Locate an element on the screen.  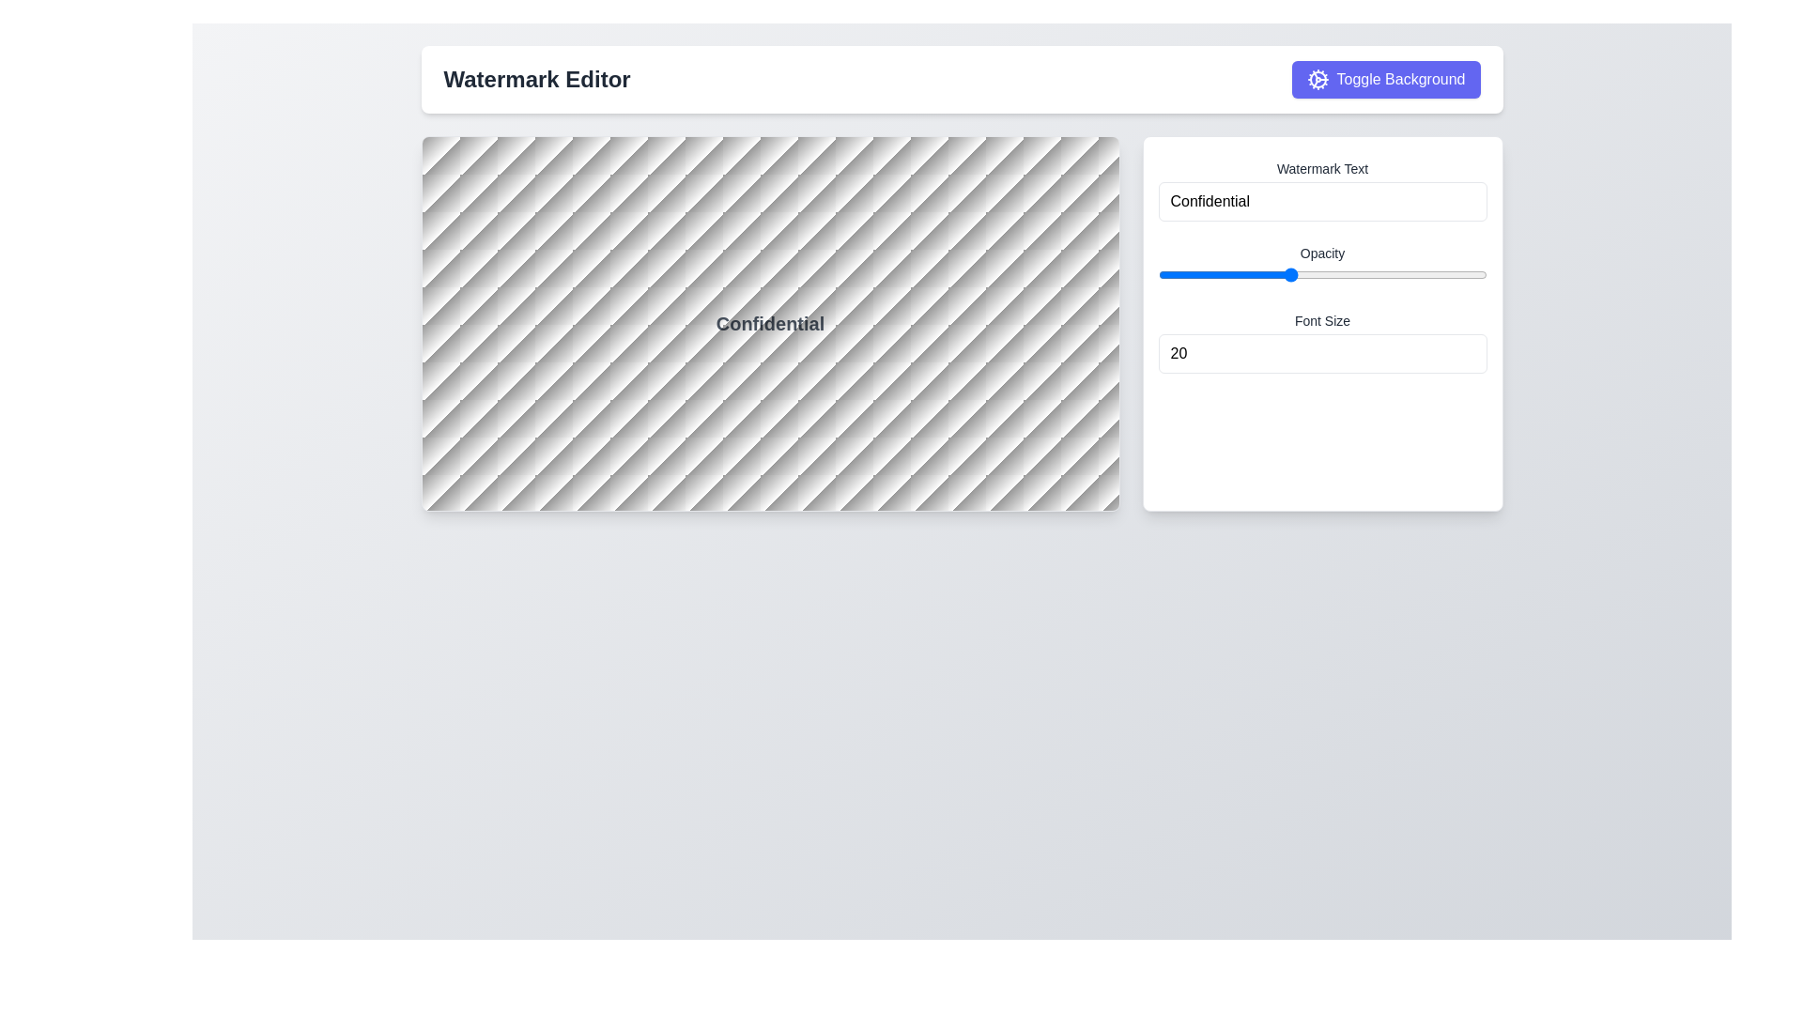
the number input field displaying the current value '20' to focus it is located at coordinates (1321, 354).